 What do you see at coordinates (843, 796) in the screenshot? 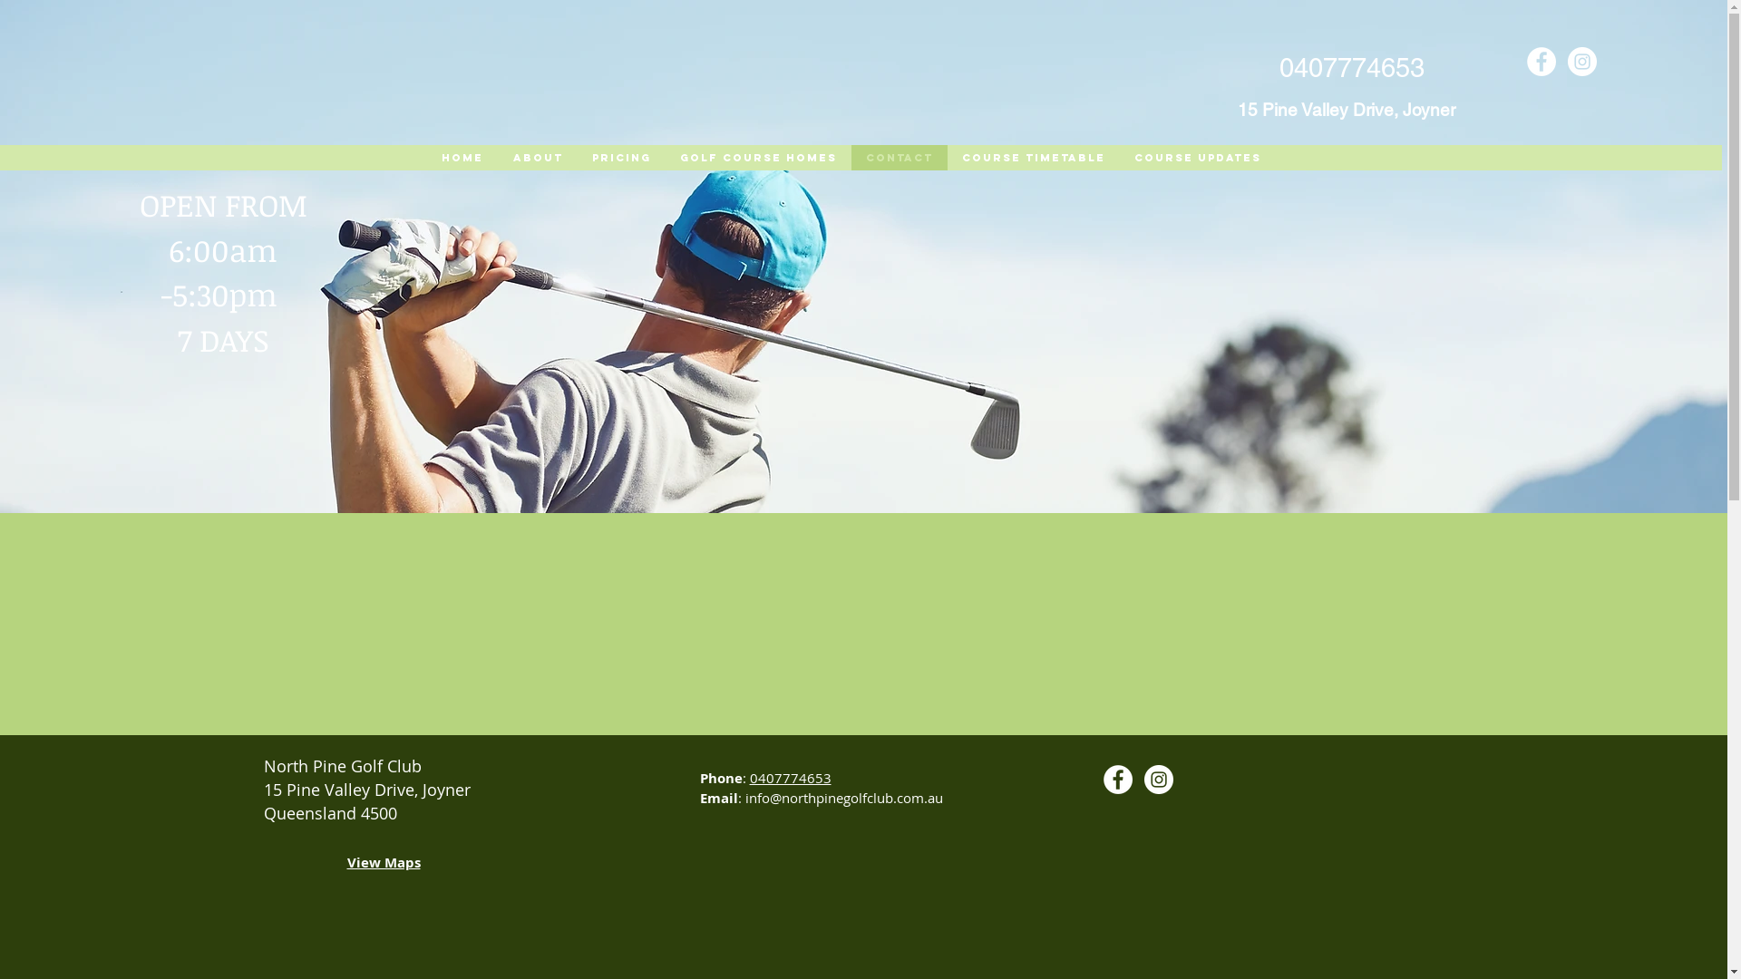
I see `'info@northpinegolfclub.com.au'` at bounding box center [843, 796].